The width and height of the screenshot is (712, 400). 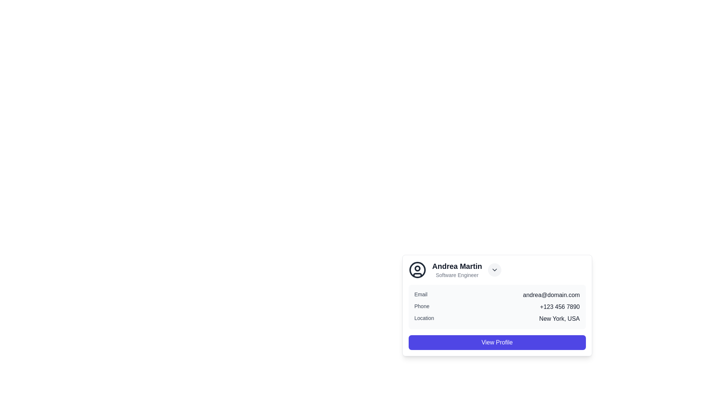 I want to click on the button located to the right of 'Andrea Martin' and 'Software Engineer', so click(x=495, y=270).